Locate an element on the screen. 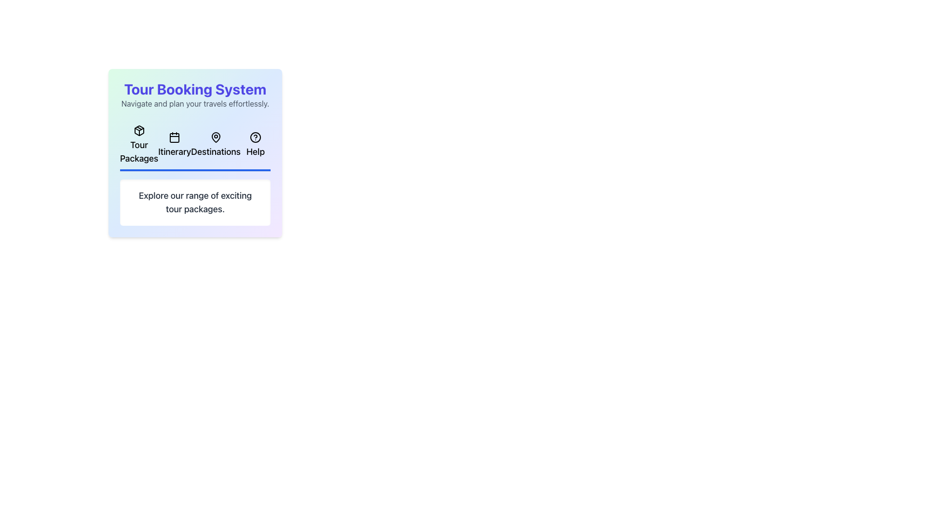  the calendar icon, which is a black line art representation of a date book, located directly above the text 'Itinerary' is located at coordinates (175, 137).